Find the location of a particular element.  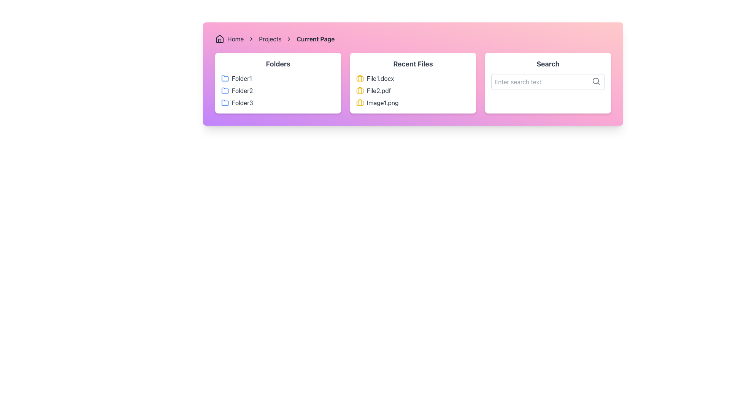

the decorative SVG rectangle element that represents a briefcase in the icon, located slightly to the top-right of the center of the bounding box is located at coordinates (359, 90).